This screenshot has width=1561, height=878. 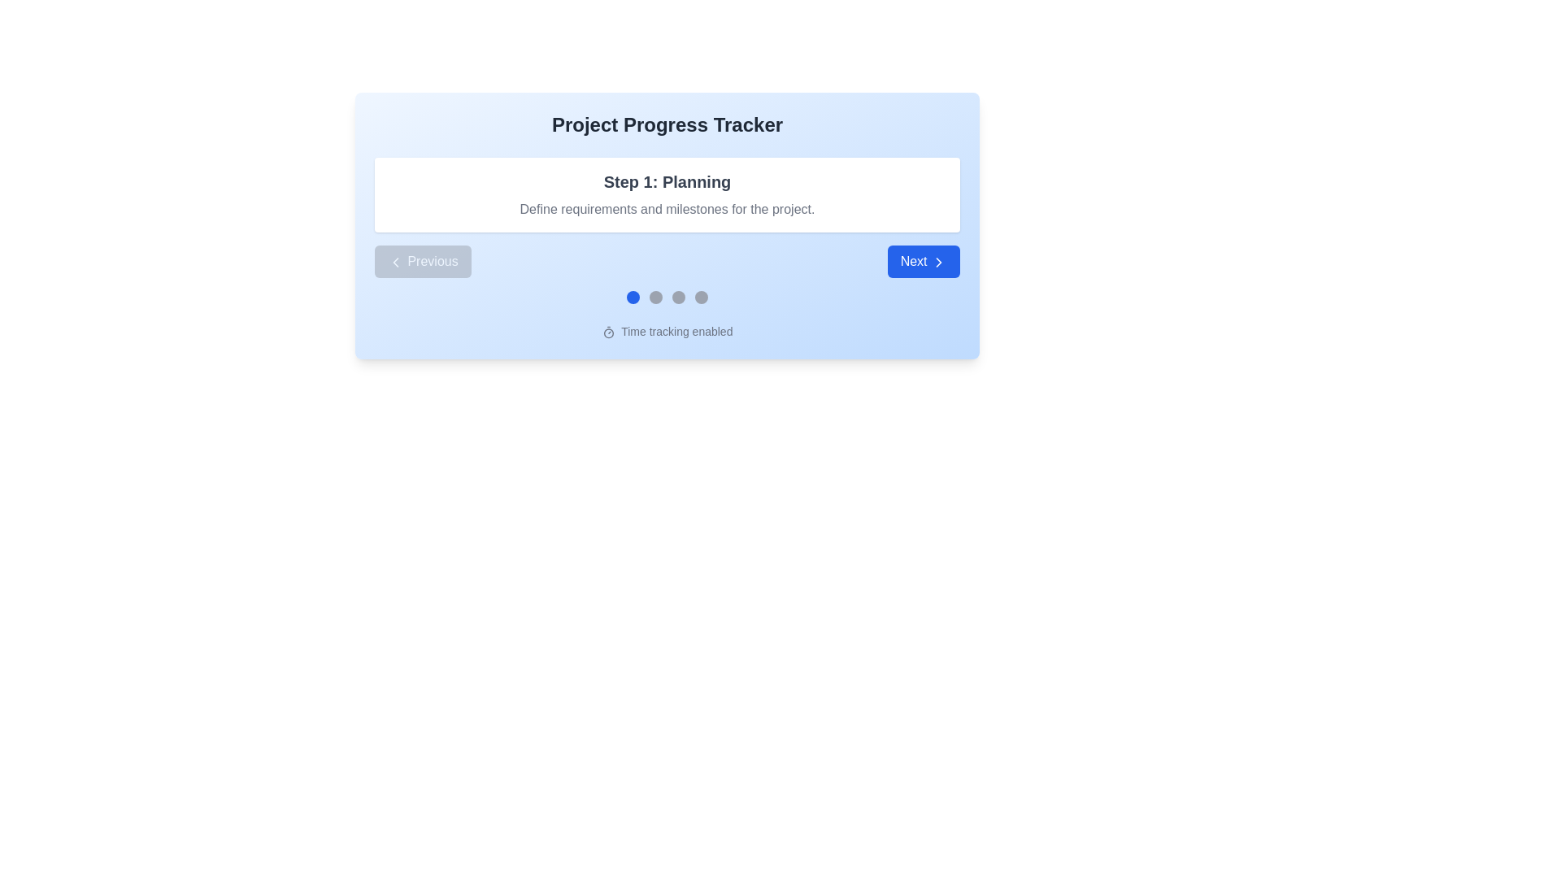 What do you see at coordinates (667, 331) in the screenshot?
I see `the static information text 'Time tracking enabled' with the preceding timer icon, located at the bottom of the 'Project Progress Tracker' card, just below the pagination indicators` at bounding box center [667, 331].